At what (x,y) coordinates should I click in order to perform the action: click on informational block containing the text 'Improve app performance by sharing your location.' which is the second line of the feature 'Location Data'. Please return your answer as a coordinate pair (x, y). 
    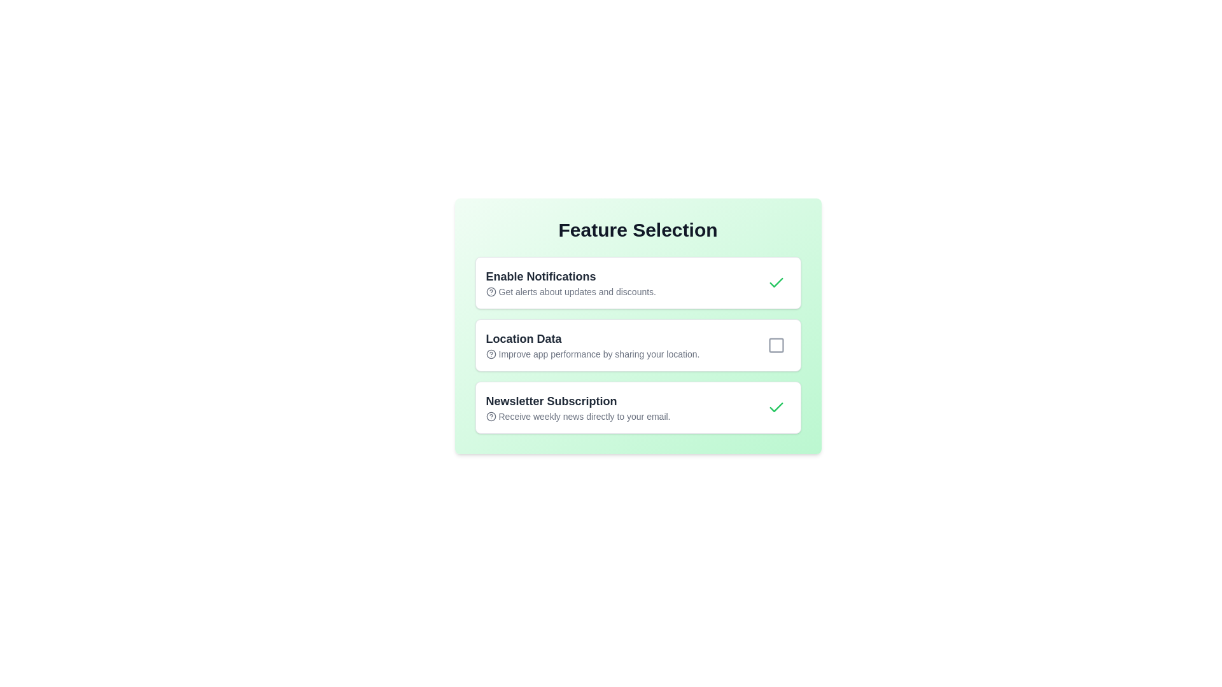
    Looking at the image, I should click on (592, 345).